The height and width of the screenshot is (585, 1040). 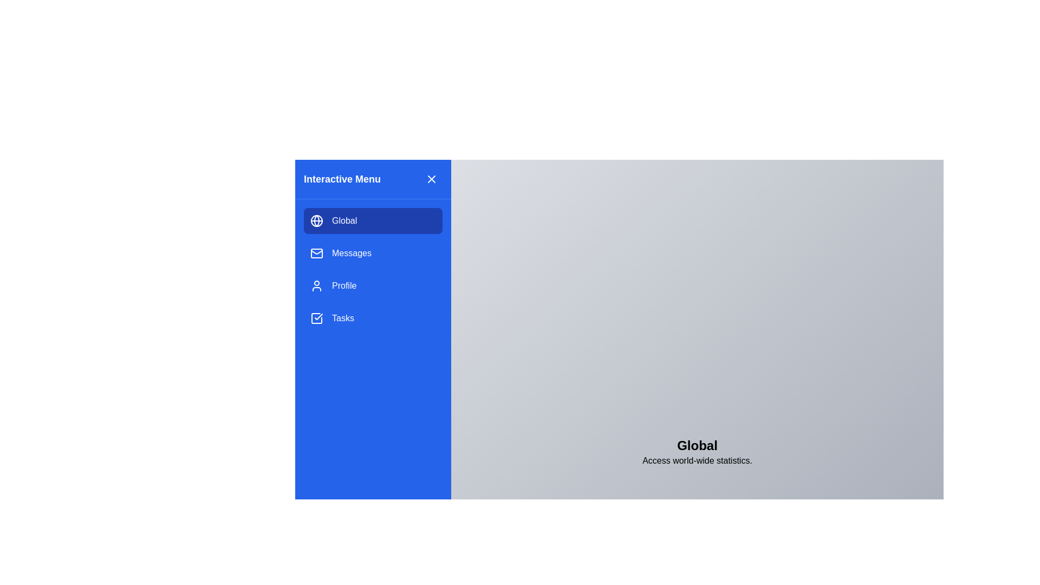 What do you see at coordinates (431, 179) in the screenshot?
I see `the close button located at the top-right corner of the 'Interactive Menu' panel` at bounding box center [431, 179].